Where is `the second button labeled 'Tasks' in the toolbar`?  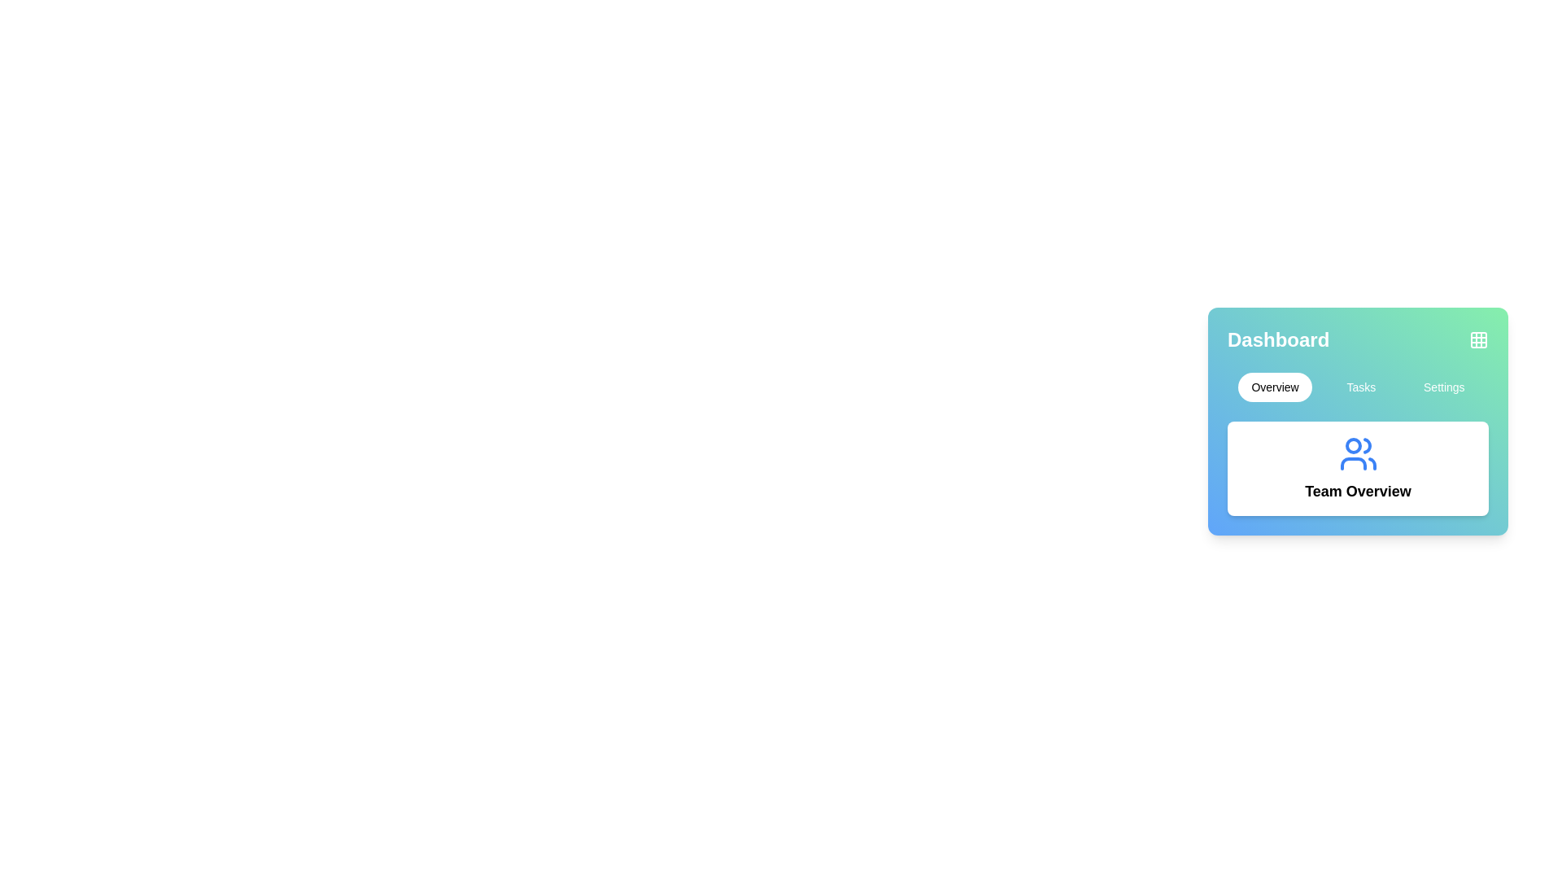
the second button labeled 'Tasks' in the toolbar is located at coordinates (1361, 387).